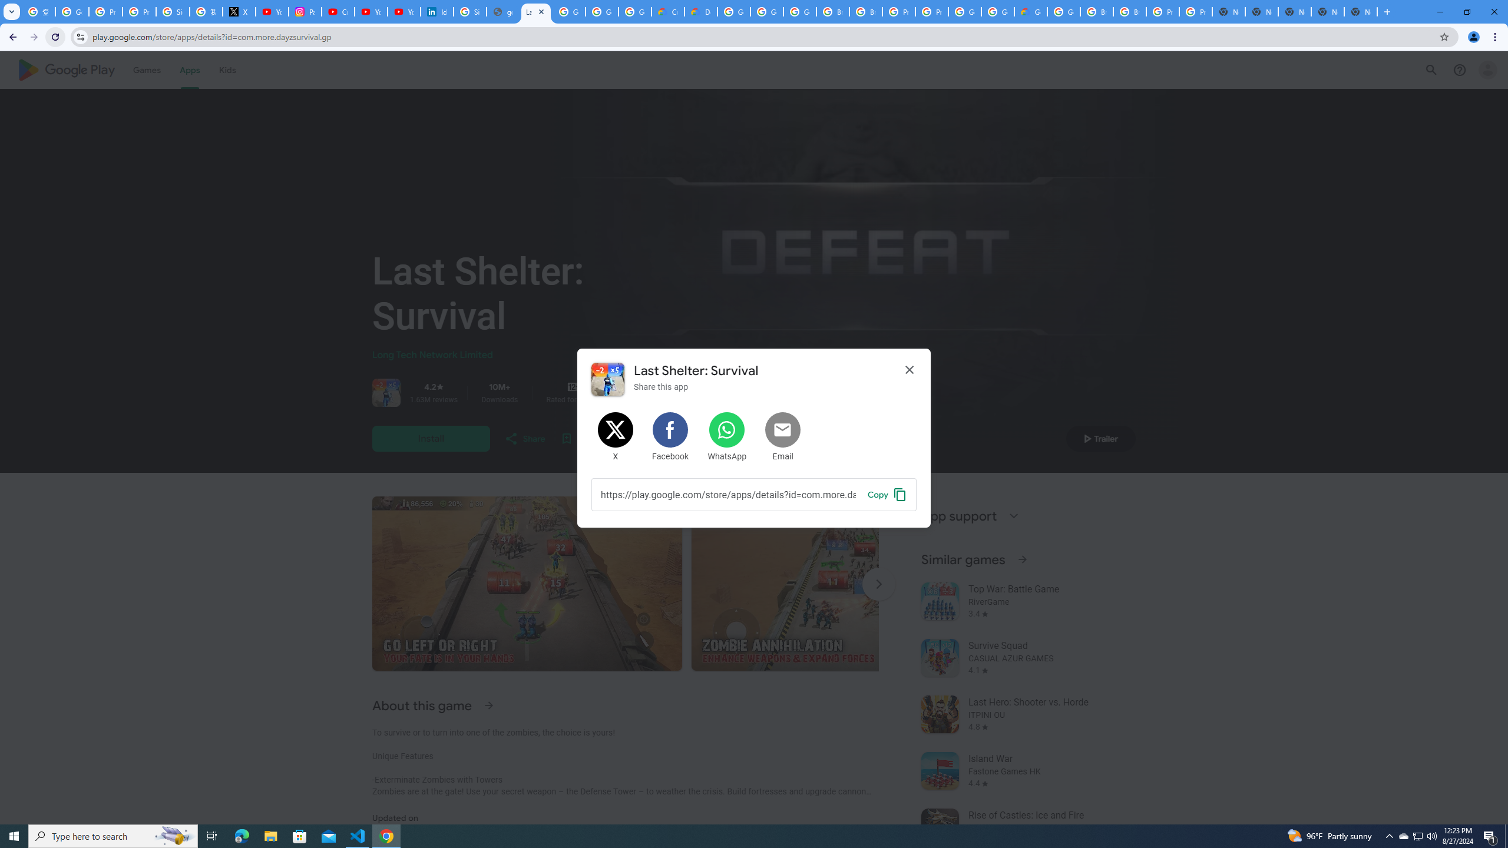  Describe the element at coordinates (272, 11) in the screenshot. I see `'YouTube Content Monetization Policies - How YouTube Works'` at that location.